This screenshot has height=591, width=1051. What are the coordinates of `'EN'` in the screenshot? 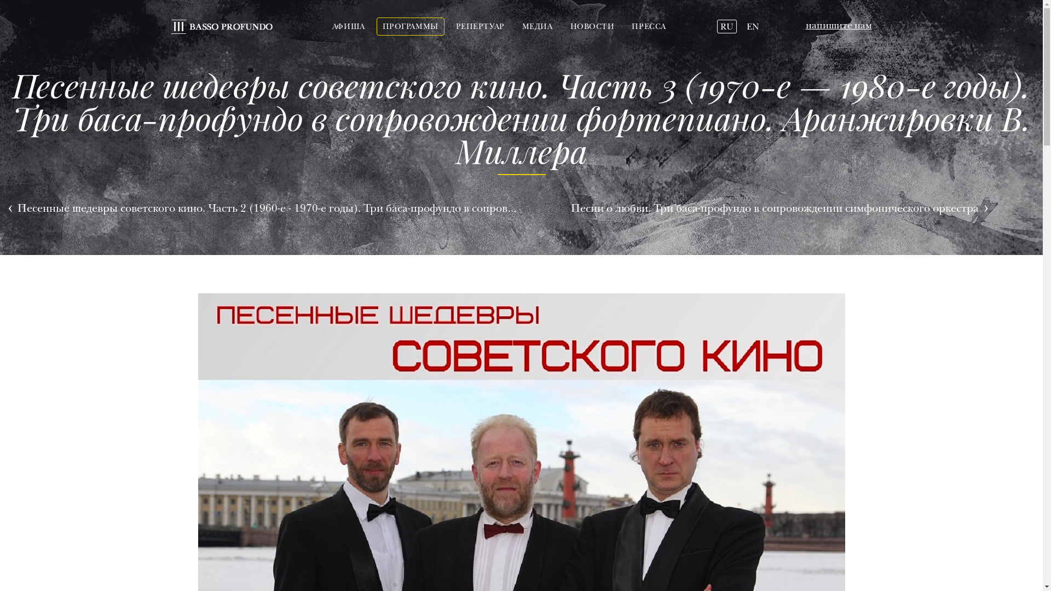 It's located at (743, 26).